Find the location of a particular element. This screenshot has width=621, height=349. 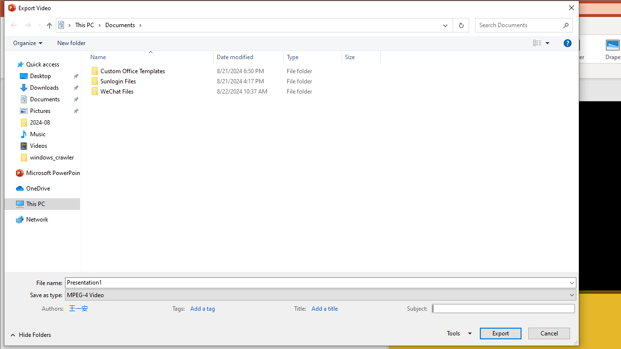

'Recent locations' is located at coordinates (39, 24).